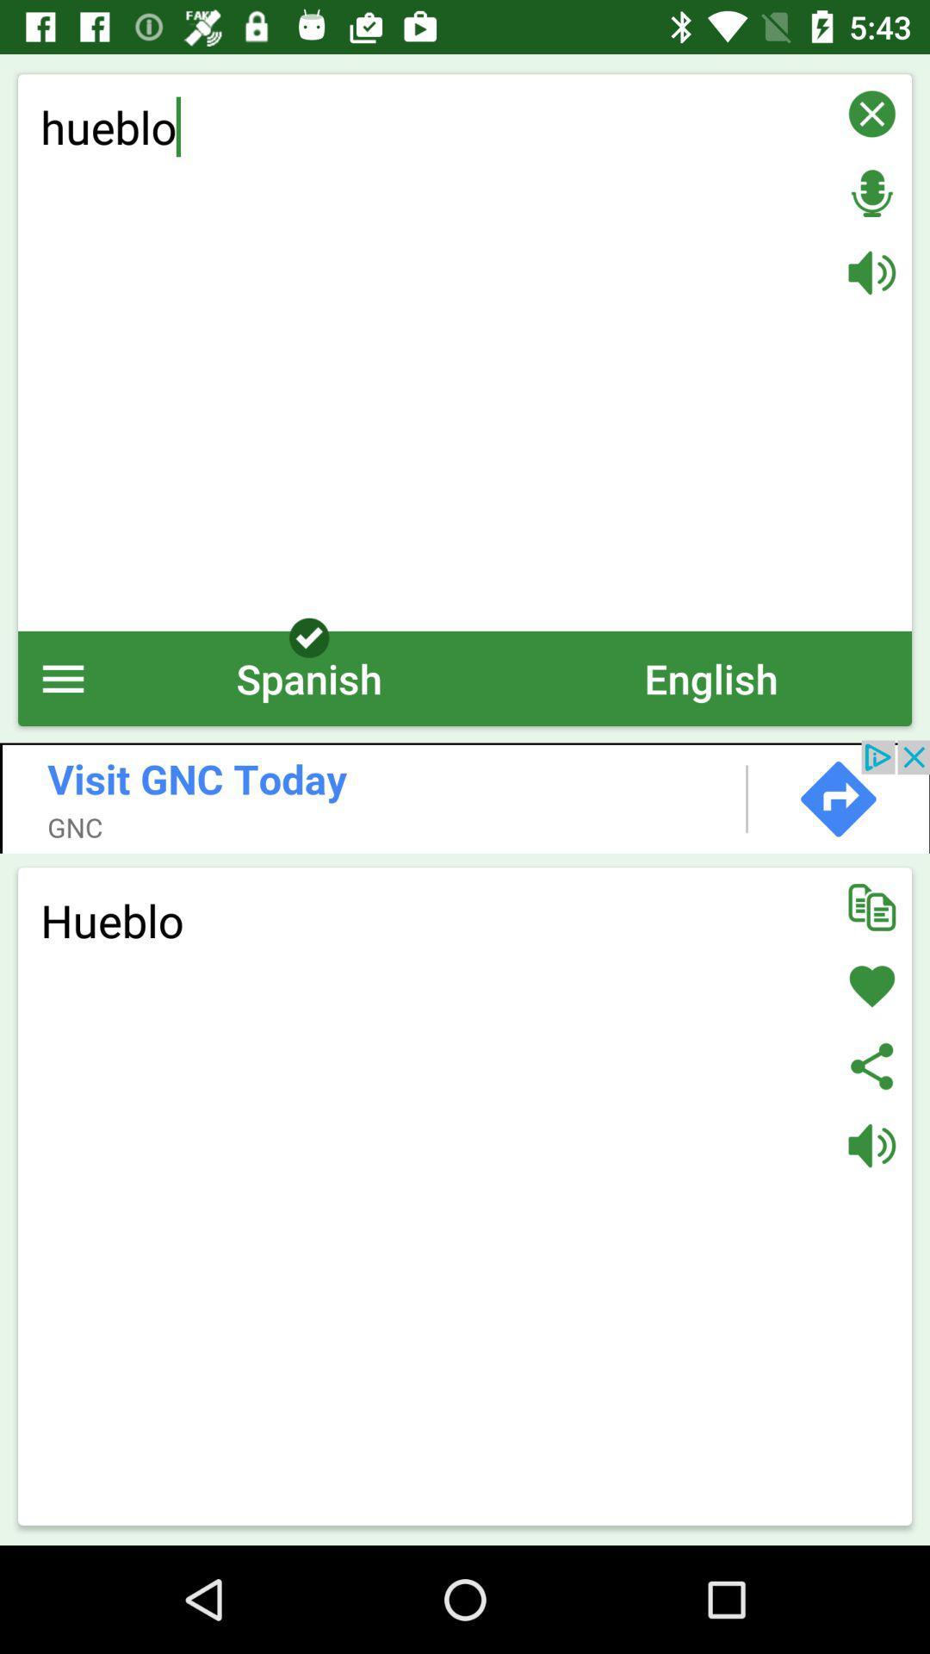 The width and height of the screenshot is (930, 1654). Describe the element at coordinates (465, 796) in the screenshot. I see `advert field` at that location.